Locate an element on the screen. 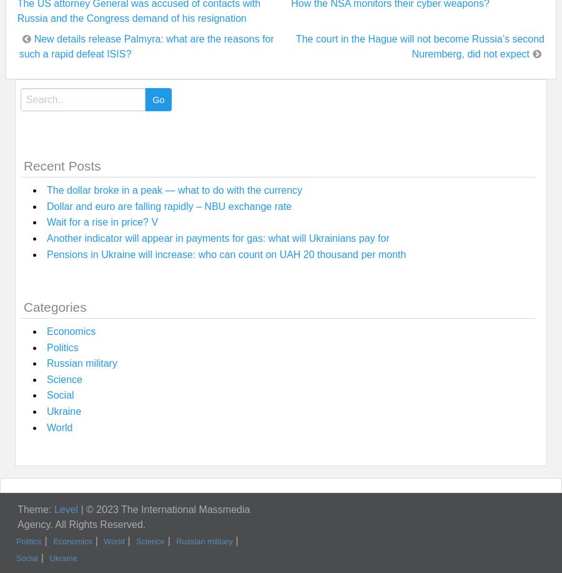 This screenshot has height=573, width=562. 'Recent Posts' is located at coordinates (61, 166).